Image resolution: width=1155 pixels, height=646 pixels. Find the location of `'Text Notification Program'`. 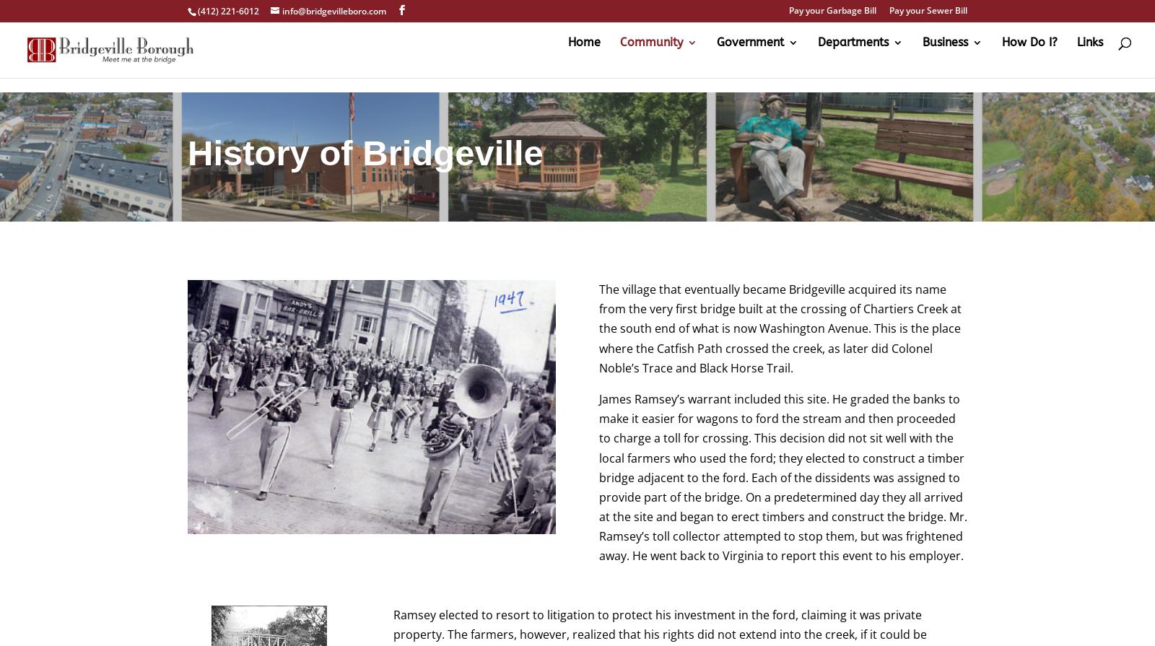

'Text Notification Program' is located at coordinates (692, 346).